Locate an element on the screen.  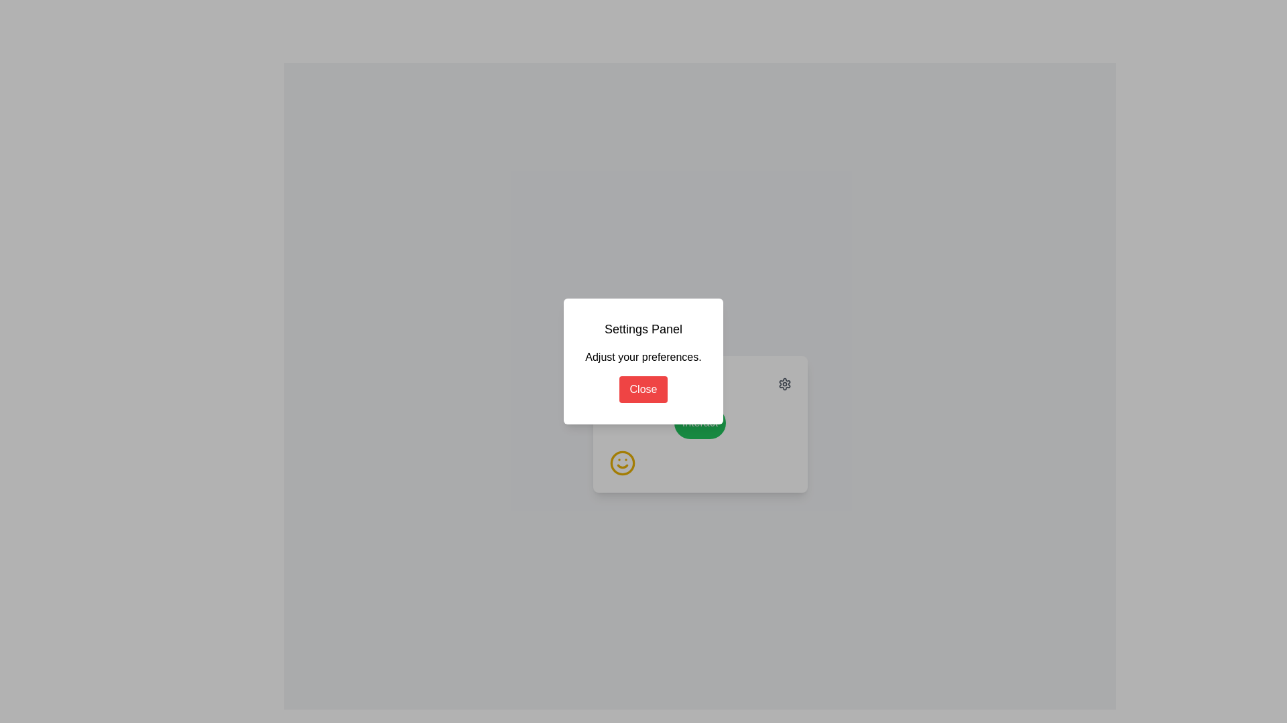
the cogwheel icon located at the top right of the visible card, positioned between the close button and the main content of the settings panel is located at coordinates (784, 384).